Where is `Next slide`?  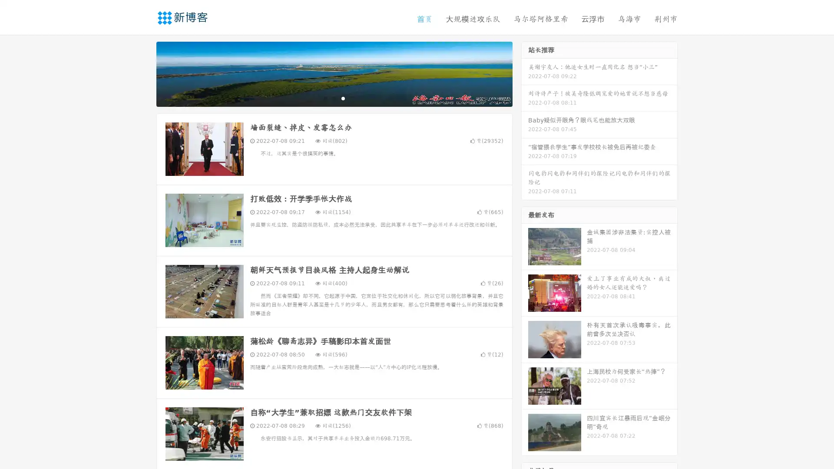 Next slide is located at coordinates (525, 73).